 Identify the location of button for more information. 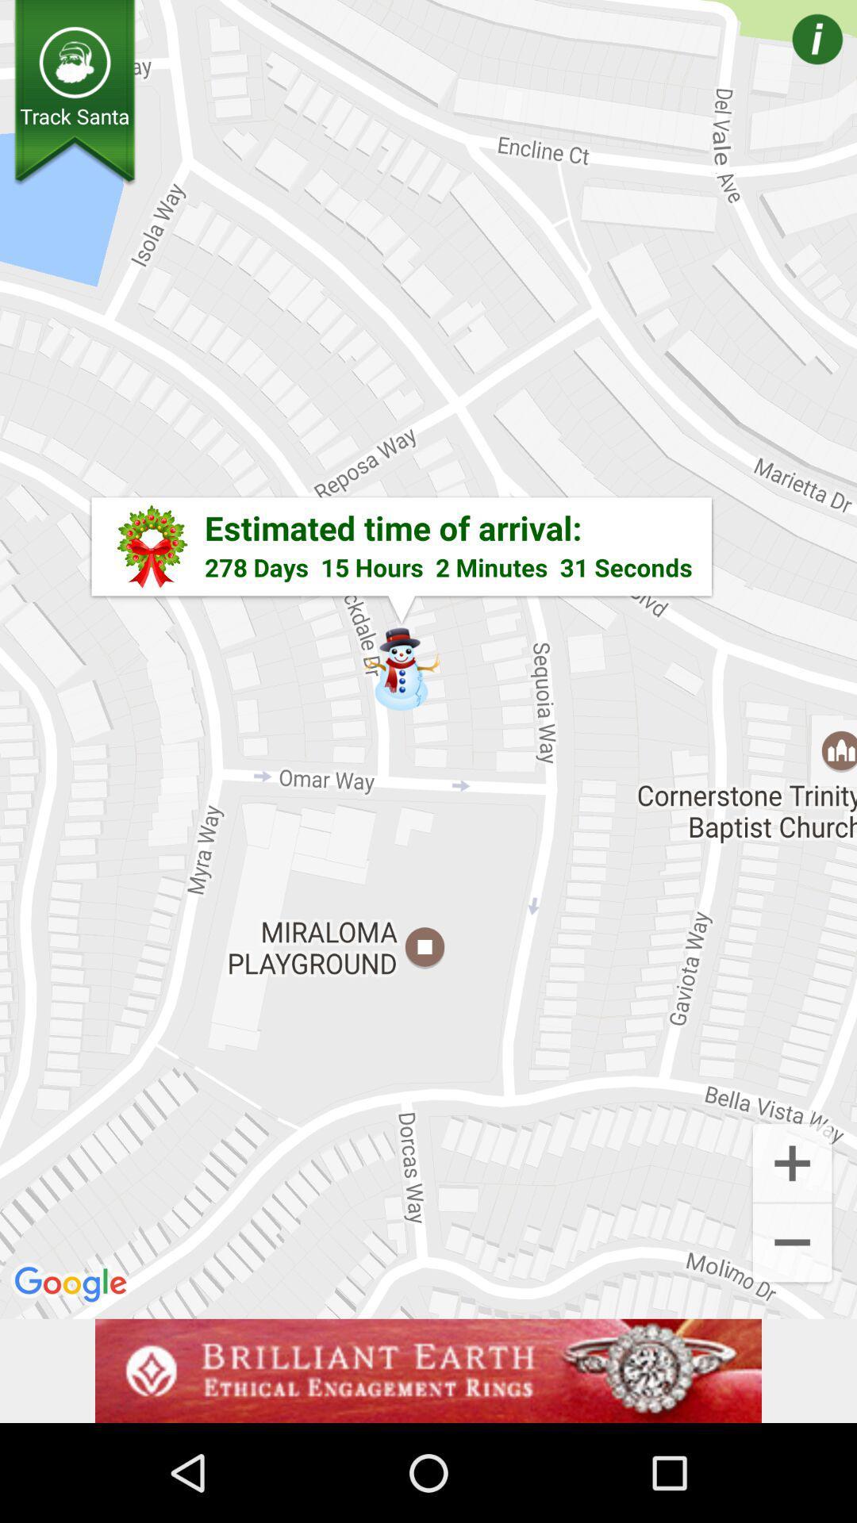
(794, 62).